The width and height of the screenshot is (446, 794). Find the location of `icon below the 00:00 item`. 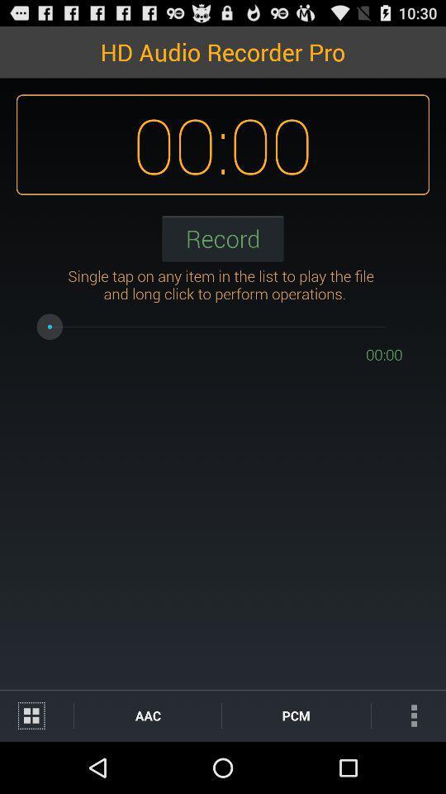

icon below the 00:00 item is located at coordinates (295, 715).